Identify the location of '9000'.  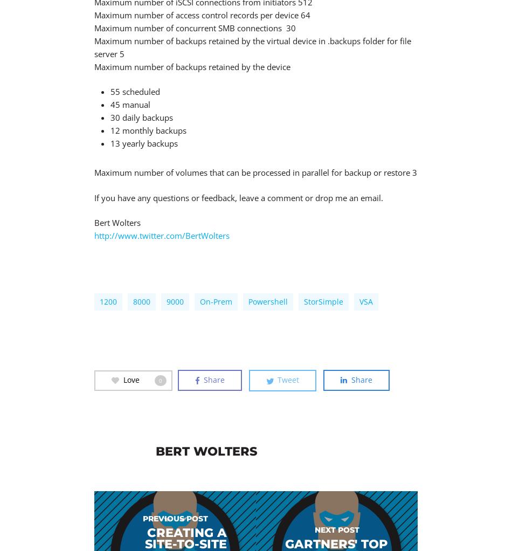
(166, 301).